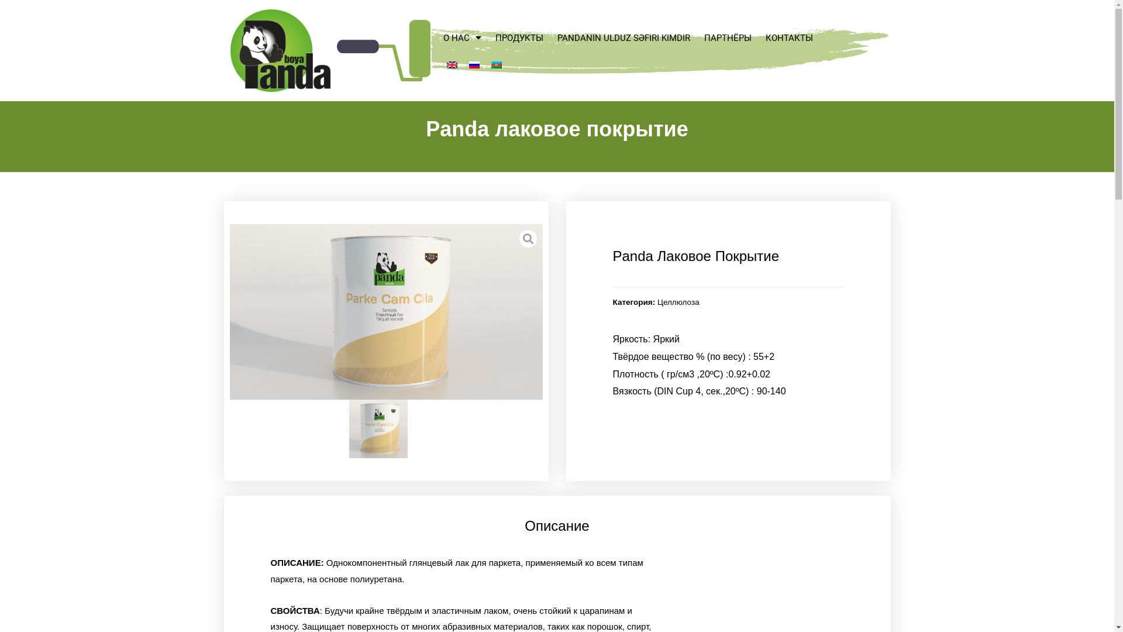  What do you see at coordinates (385, 311) in the screenshot?
I see `'parke_cam_ps'` at bounding box center [385, 311].